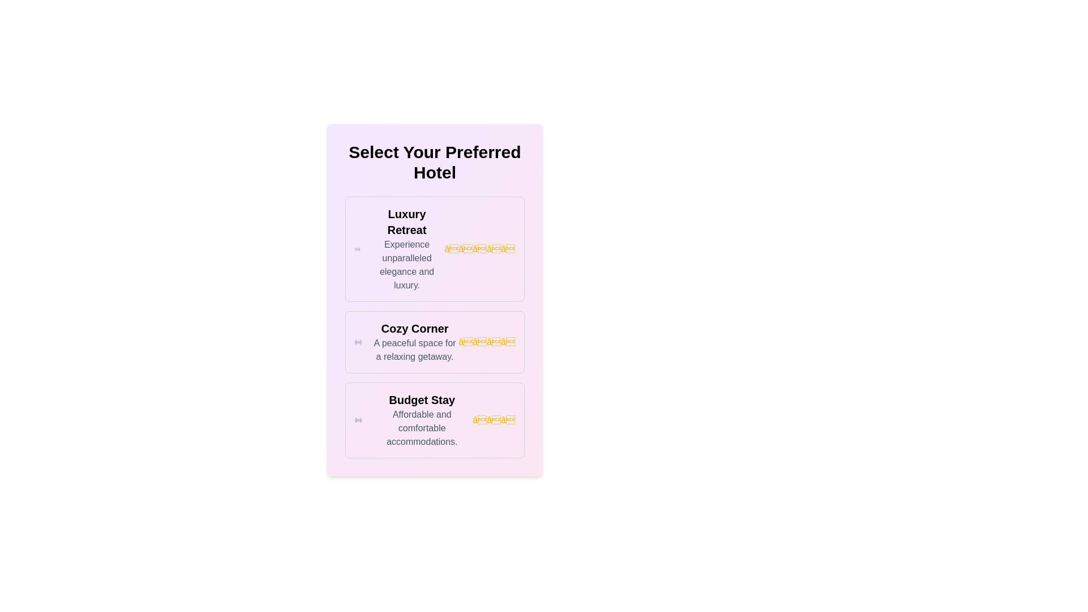 The width and height of the screenshot is (1088, 612). I want to click on the Rating Indicator for the 'Budget Stay' option, located at the bottom-right corner of the card below the description 'Affordable and comfortable accommodations.', so click(494, 420).